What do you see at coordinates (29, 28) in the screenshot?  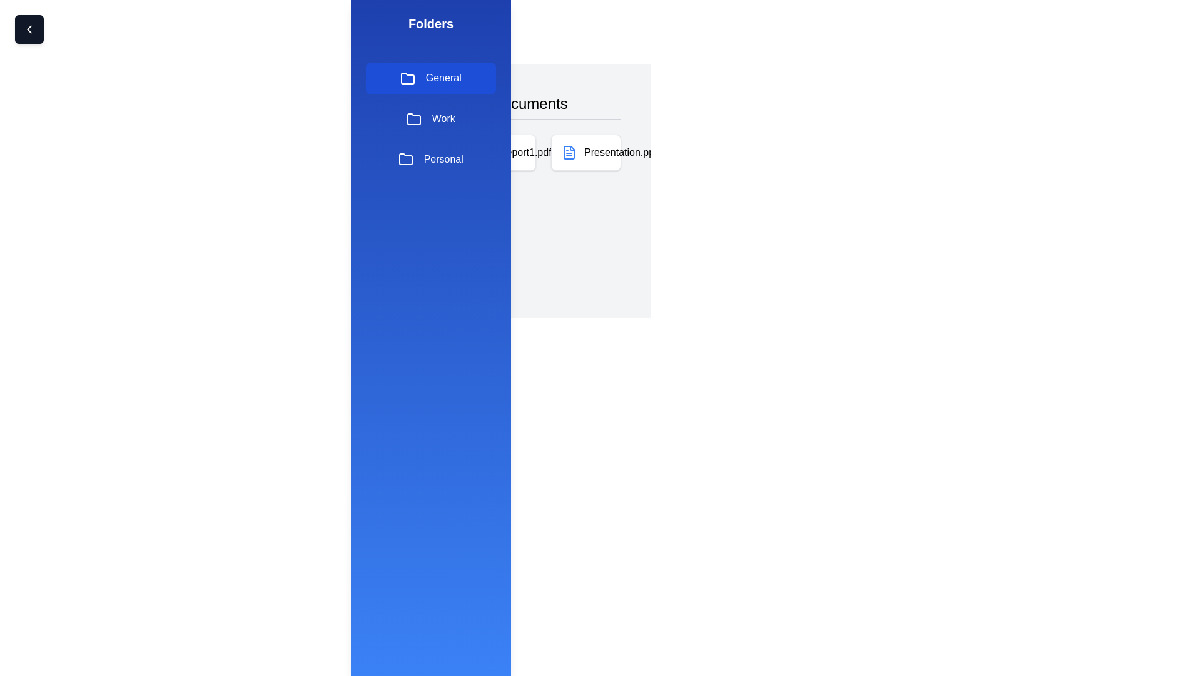 I see `the 'Back' button located in the top-left corner of the interface` at bounding box center [29, 28].